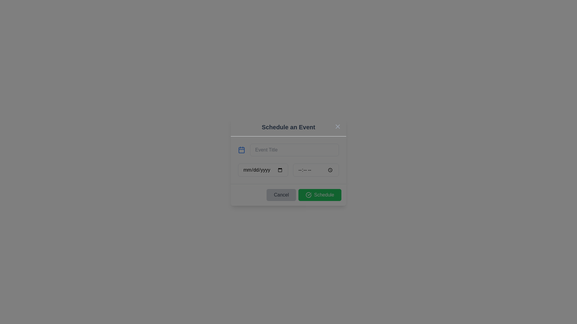 This screenshot has width=577, height=324. Describe the element at coordinates (316, 170) in the screenshot. I see `a time from the dropdown menu of the Time input field located in the 'Schedule an Event' dialog box` at that location.